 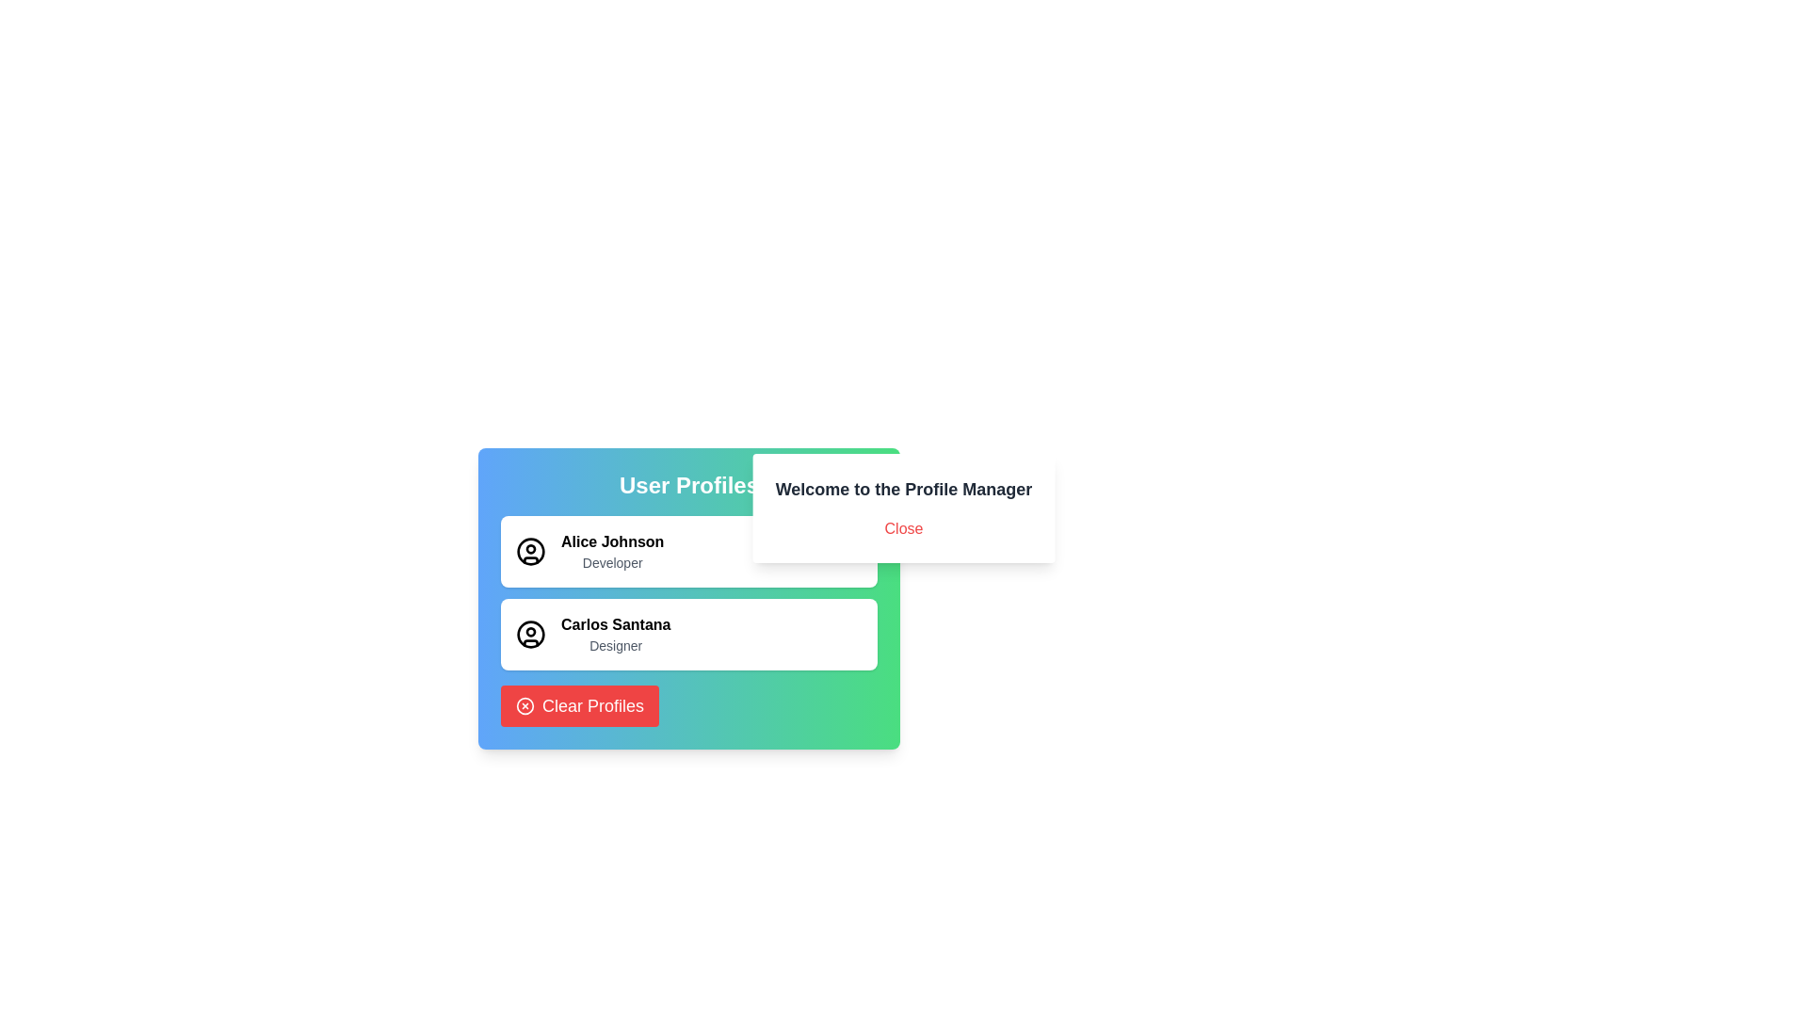 I want to click on the Avatar Icon representing 'Carlos Santana' within the second profile card in the 'User Profiles' section, so click(x=530, y=635).